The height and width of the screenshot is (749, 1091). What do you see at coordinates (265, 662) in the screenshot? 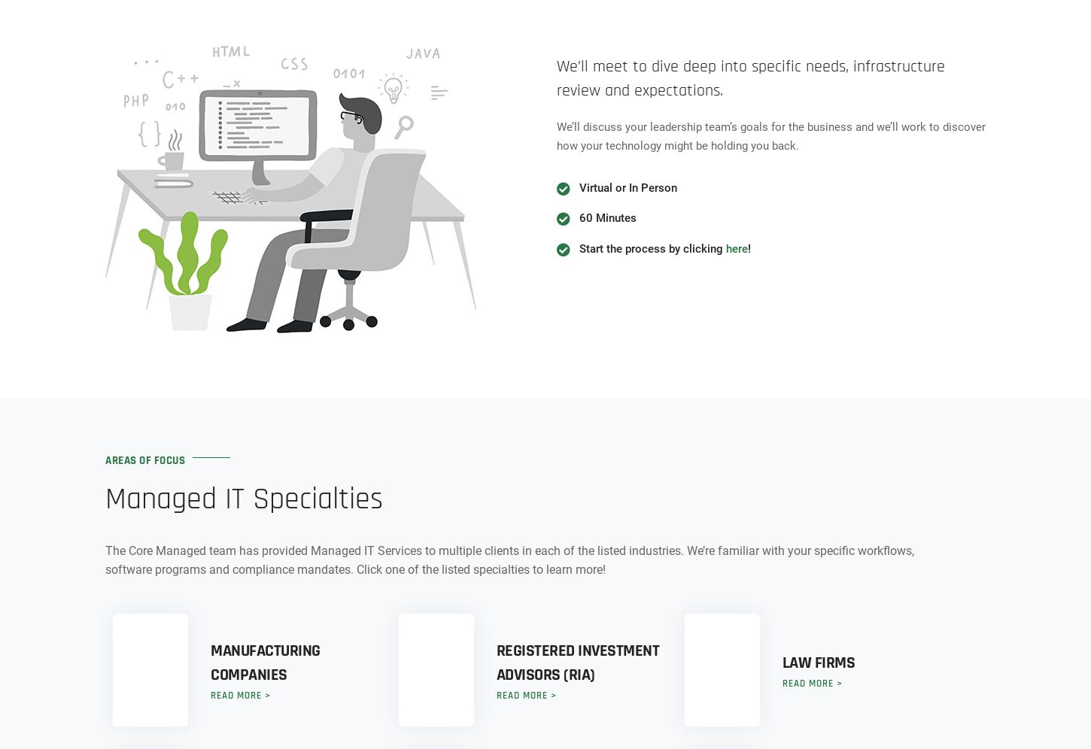
I see `'Manufacturing Companies'` at bounding box center [265, 662].